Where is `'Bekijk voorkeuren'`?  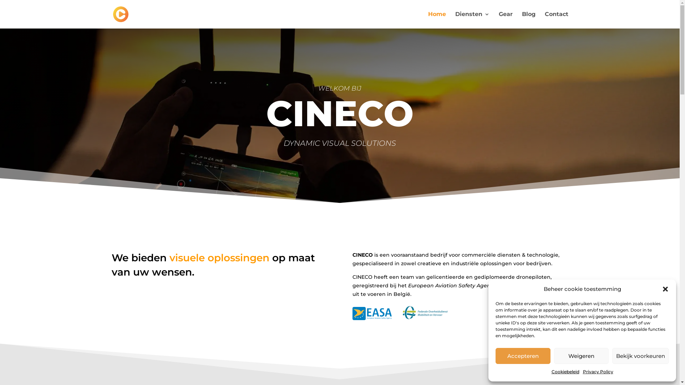 'Bekijk voorkeuren' is located at coordinates (640, 356).